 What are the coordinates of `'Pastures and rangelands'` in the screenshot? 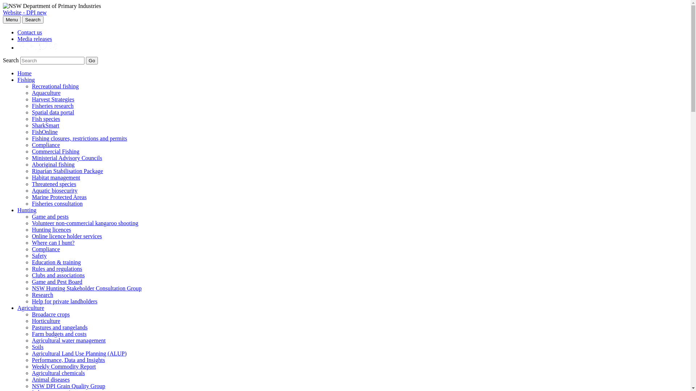 It's located at (31, 327).